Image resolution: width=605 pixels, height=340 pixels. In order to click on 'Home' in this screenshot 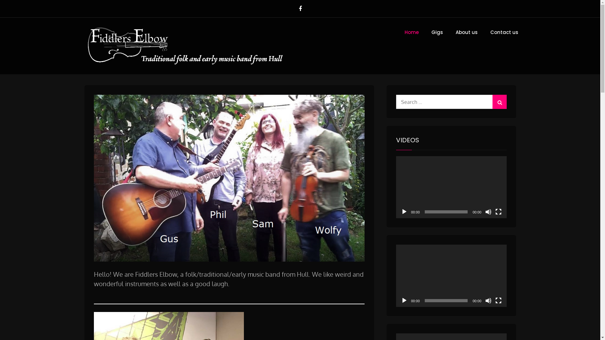, I will do `click(399, 32)`.